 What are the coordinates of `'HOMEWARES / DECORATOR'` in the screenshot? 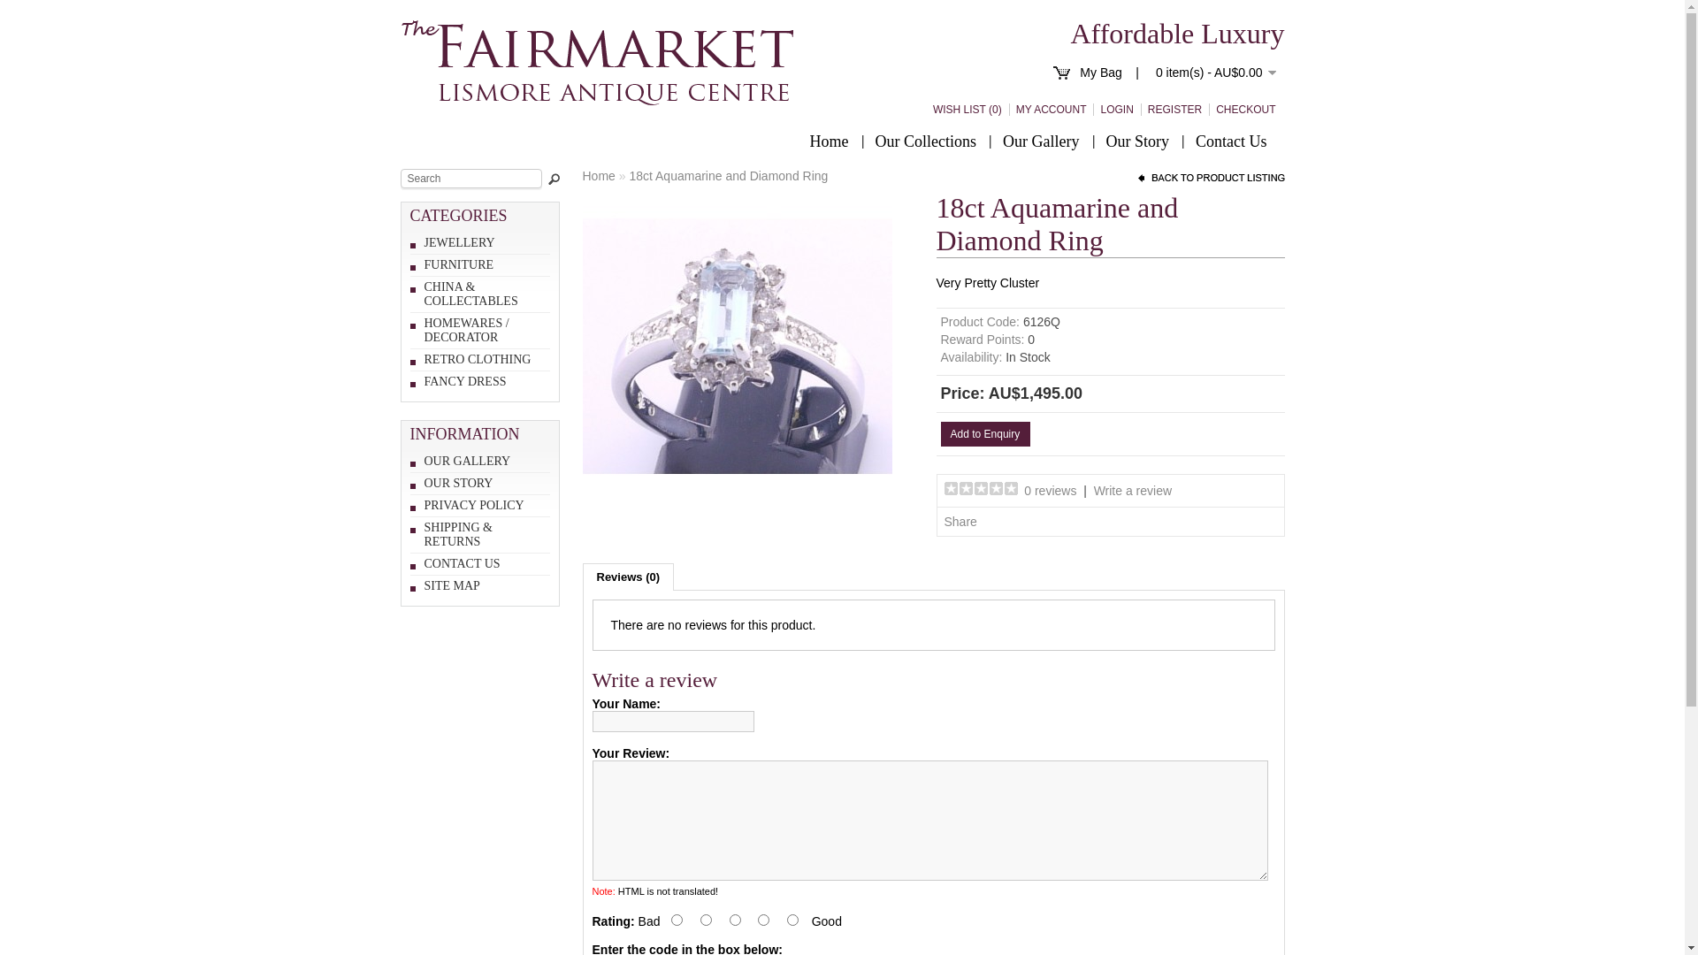 It's located at (467, 330).